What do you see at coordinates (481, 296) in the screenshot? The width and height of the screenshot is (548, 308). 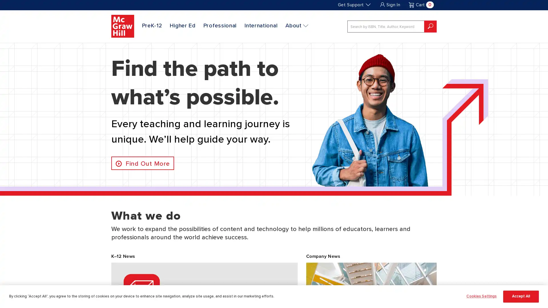 I see `Cookies Settings` at bounding box center [481, 296].